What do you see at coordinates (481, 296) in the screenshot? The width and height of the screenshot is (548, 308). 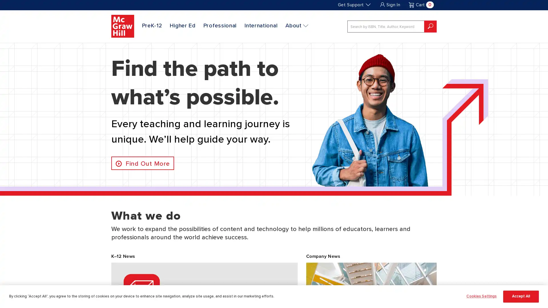 I see `Cookies Settings` at bounding box center [481, 296].